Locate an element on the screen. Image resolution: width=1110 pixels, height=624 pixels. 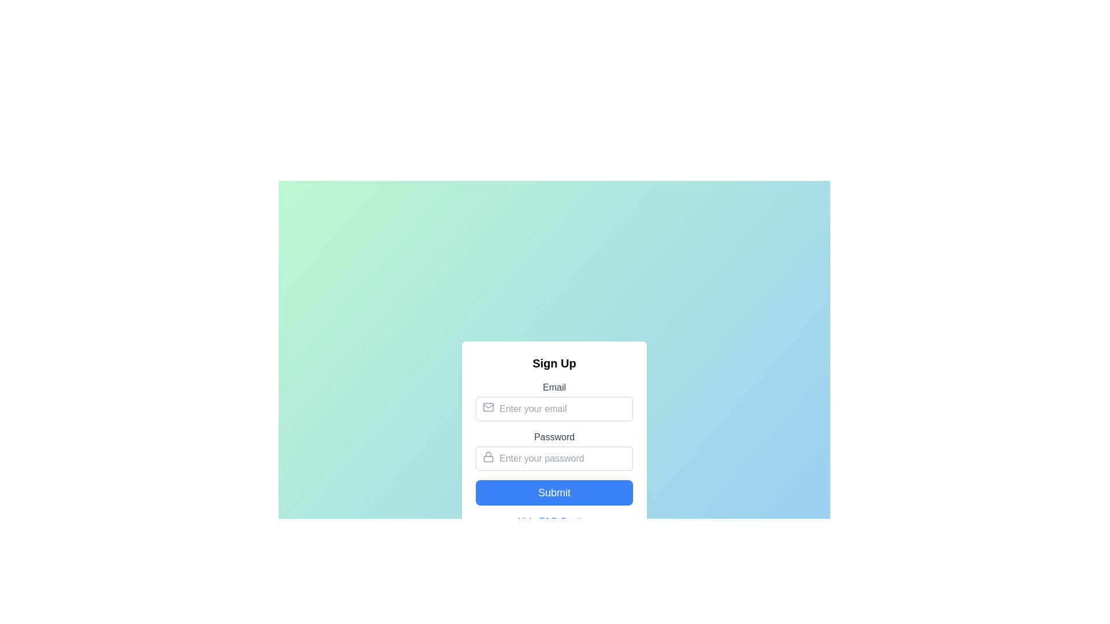
the email input icon that visually indicates the expected email address input, located to the immediate left of the text entry area is located at coordinates (488, 407).